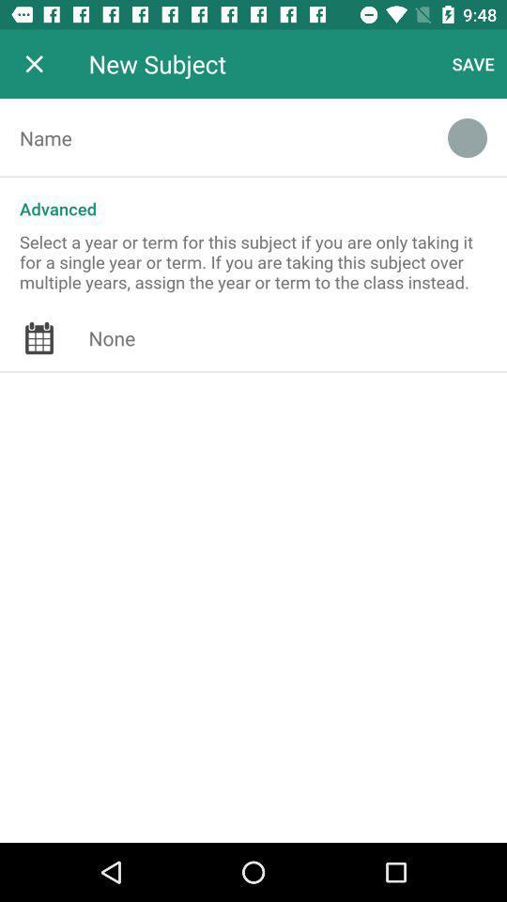 The height and width of the screenshot is (902, 507). What do you see at coordinates (466, 136) in the screenshot?
I see `the item below save icon` at bounding box center [466, 136].